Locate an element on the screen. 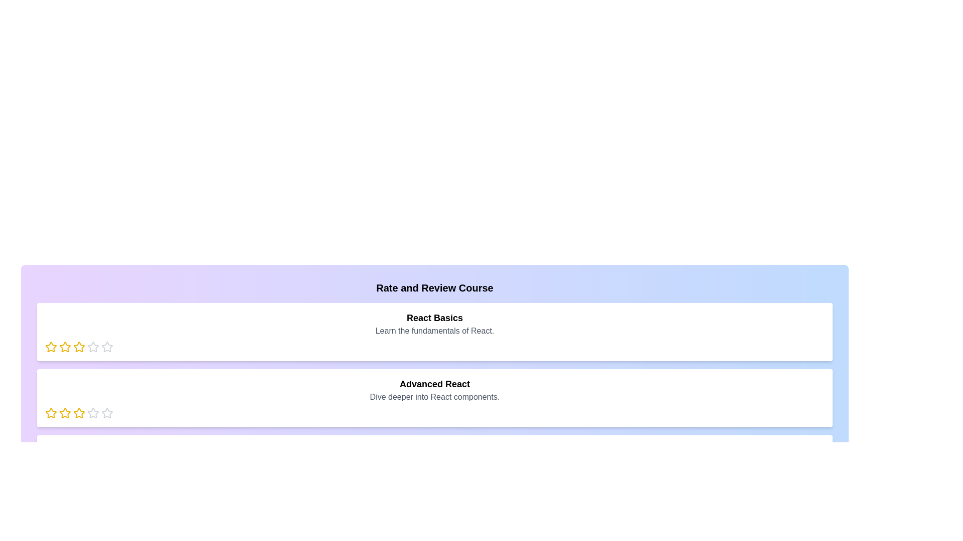 This screenshot has height=541, width=963. the first star icon in the rating section of the 'Advanced React' course panel is located at coordinates (50, 413).